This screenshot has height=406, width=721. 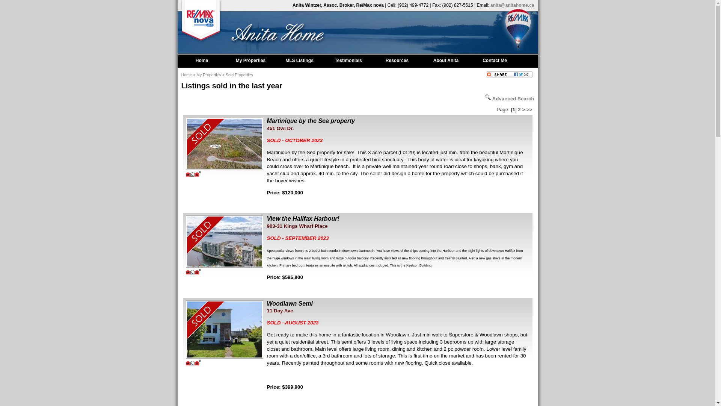 What do you see at coordinates (202, 60) in the screenshot?
I see `'Home'` at bounding box center [202, 60].